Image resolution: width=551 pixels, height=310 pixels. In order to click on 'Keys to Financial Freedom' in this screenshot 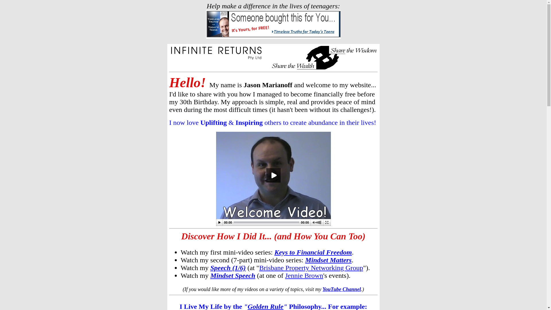, I will do `click(274, 252)`.